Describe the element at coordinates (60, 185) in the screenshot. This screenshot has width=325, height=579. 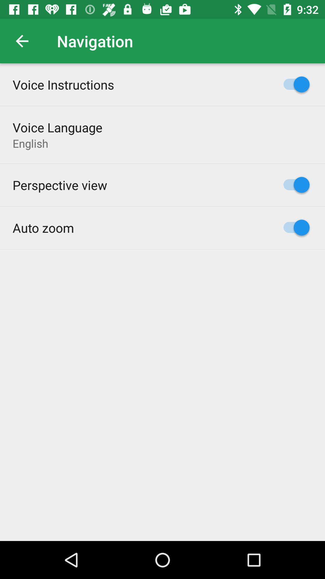
I see `icon below the english item` at that location.